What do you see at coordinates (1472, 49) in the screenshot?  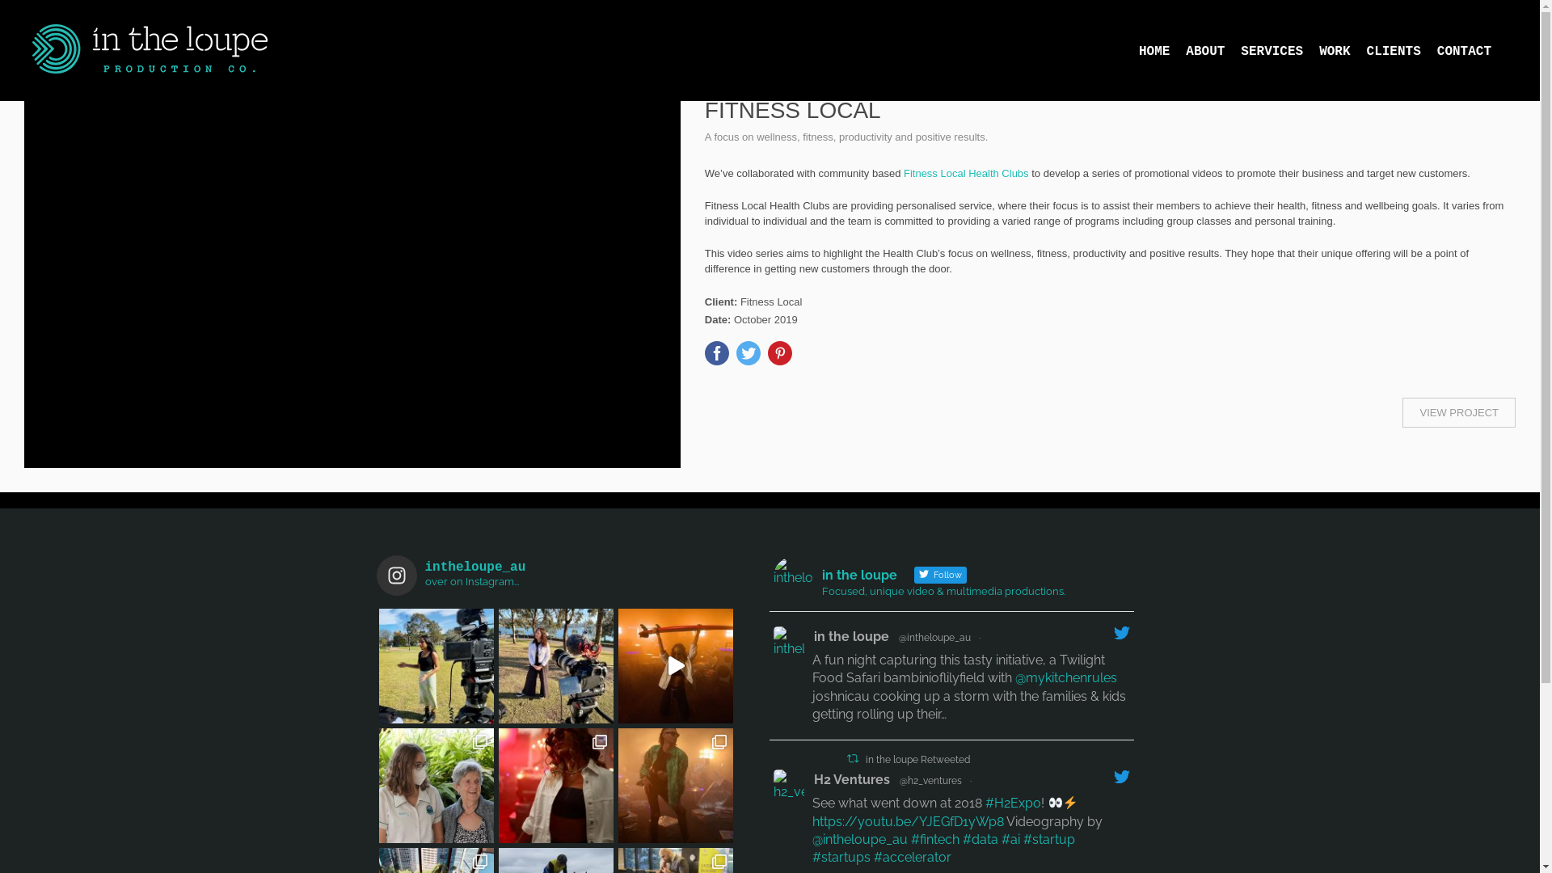 I see `'CONTACT'` at bounding box center [1472, 49].